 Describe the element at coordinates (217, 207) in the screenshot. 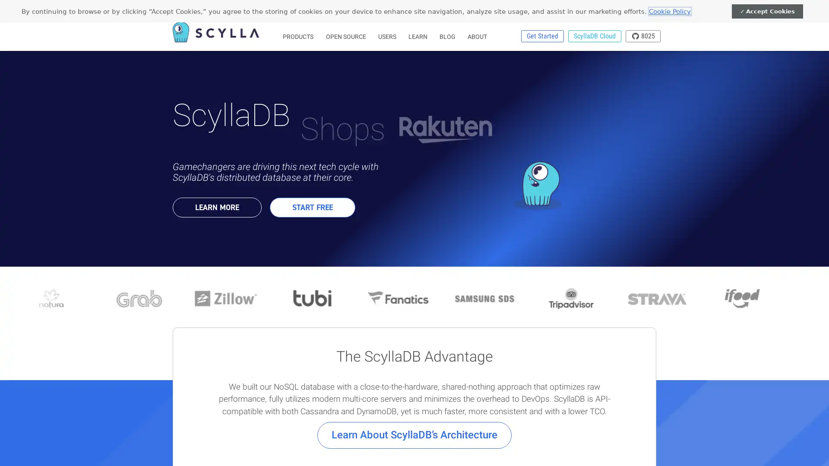

I see `LEARN MORE` at that location.